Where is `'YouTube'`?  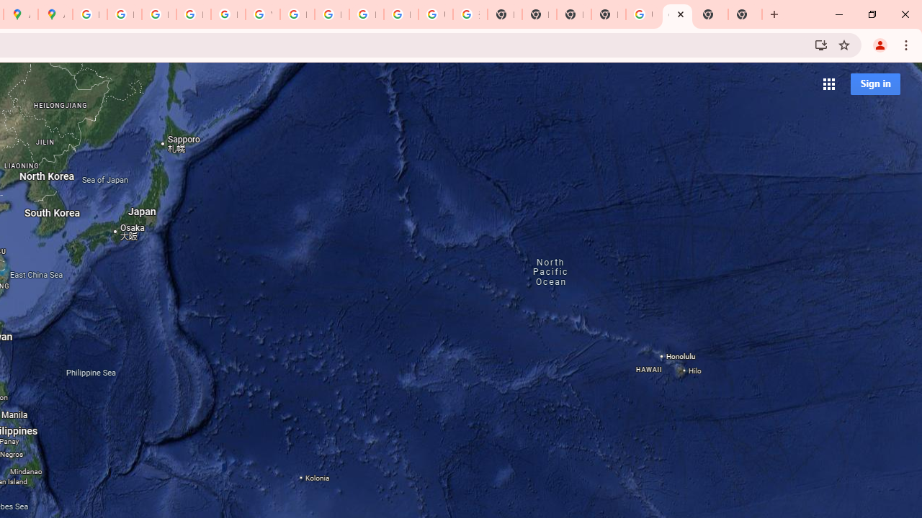 'YouTube' is located at coordinates (262, 14).